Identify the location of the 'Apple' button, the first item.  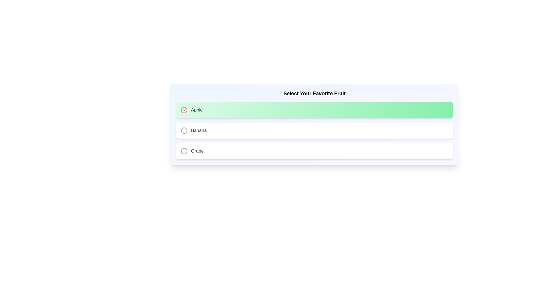
(314, 110).